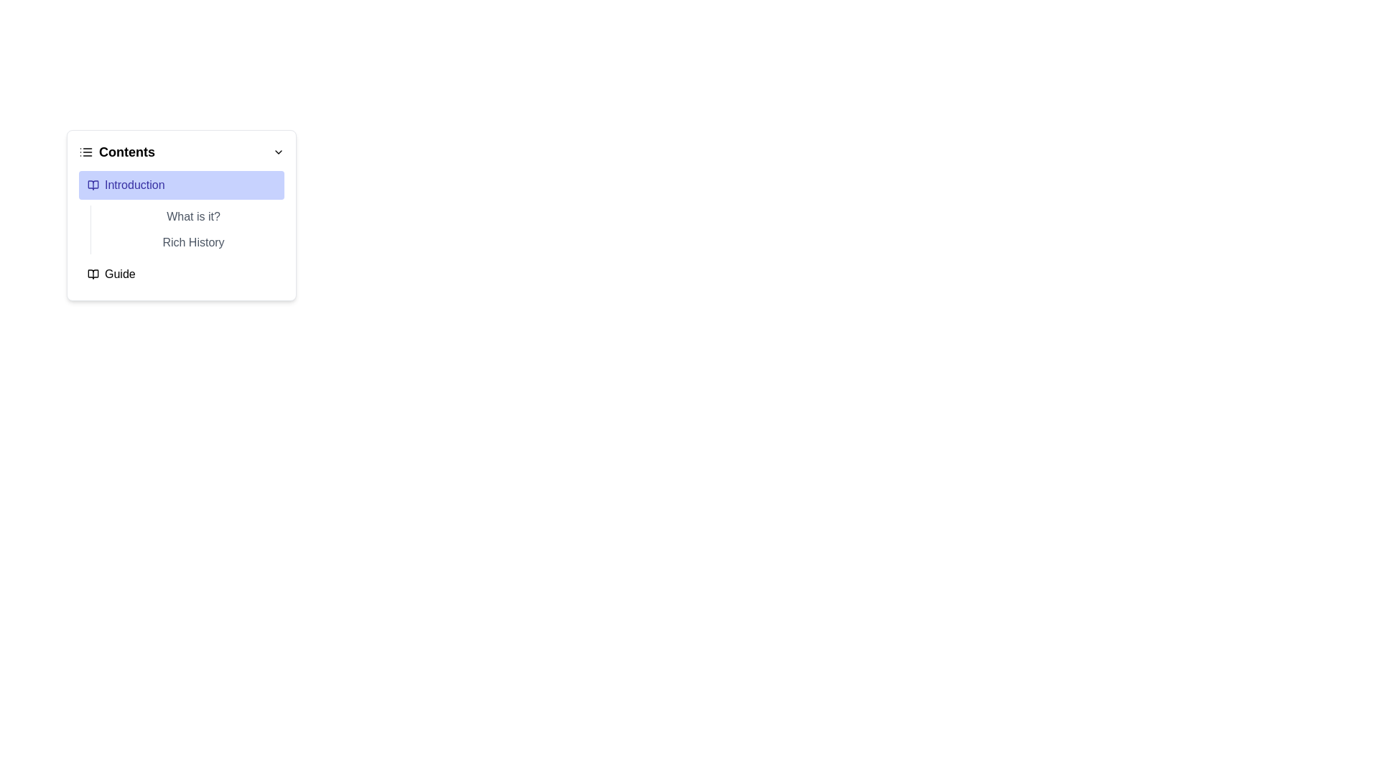 This screenshot has height=776, width=1379. Describe the element at coordinates (279, 152) in the screenshot. I see `the downward-pointing chevron icon located at the far right of the header labeled 'Contents'` at that location.